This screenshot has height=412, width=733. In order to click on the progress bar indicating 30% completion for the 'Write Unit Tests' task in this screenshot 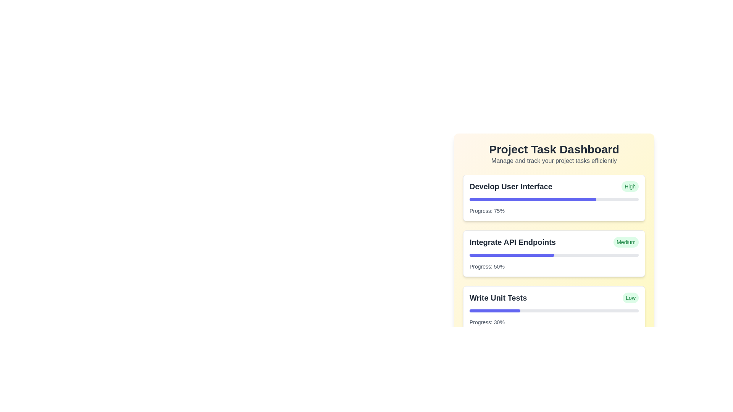, I will do `click(495, 311)`.